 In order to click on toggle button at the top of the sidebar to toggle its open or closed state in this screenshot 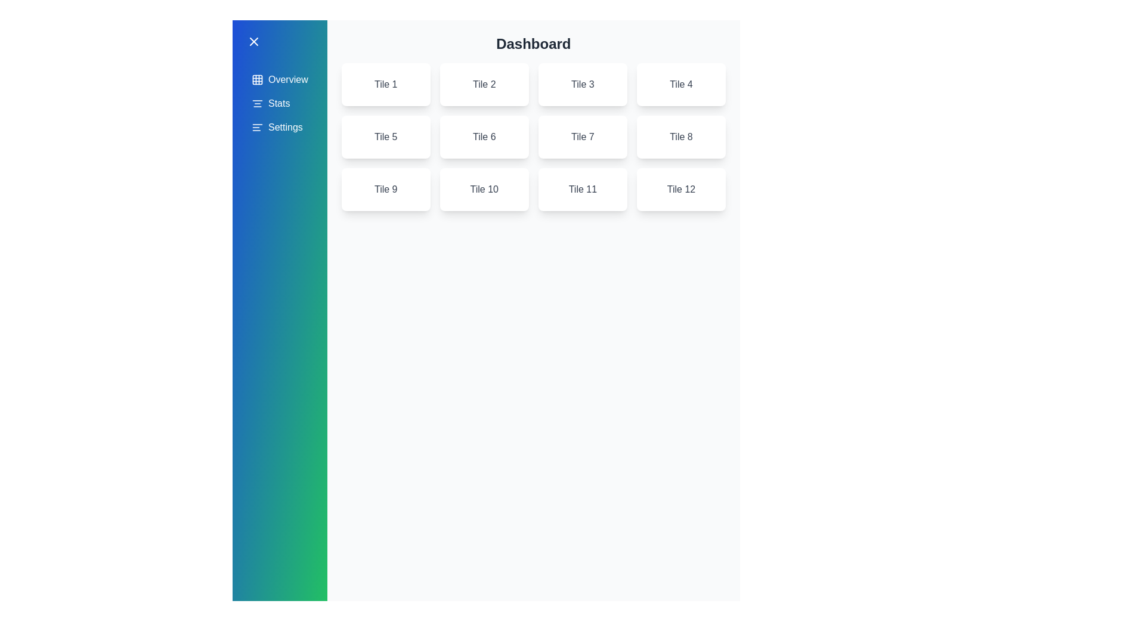, I will do `click(279, 41)`.